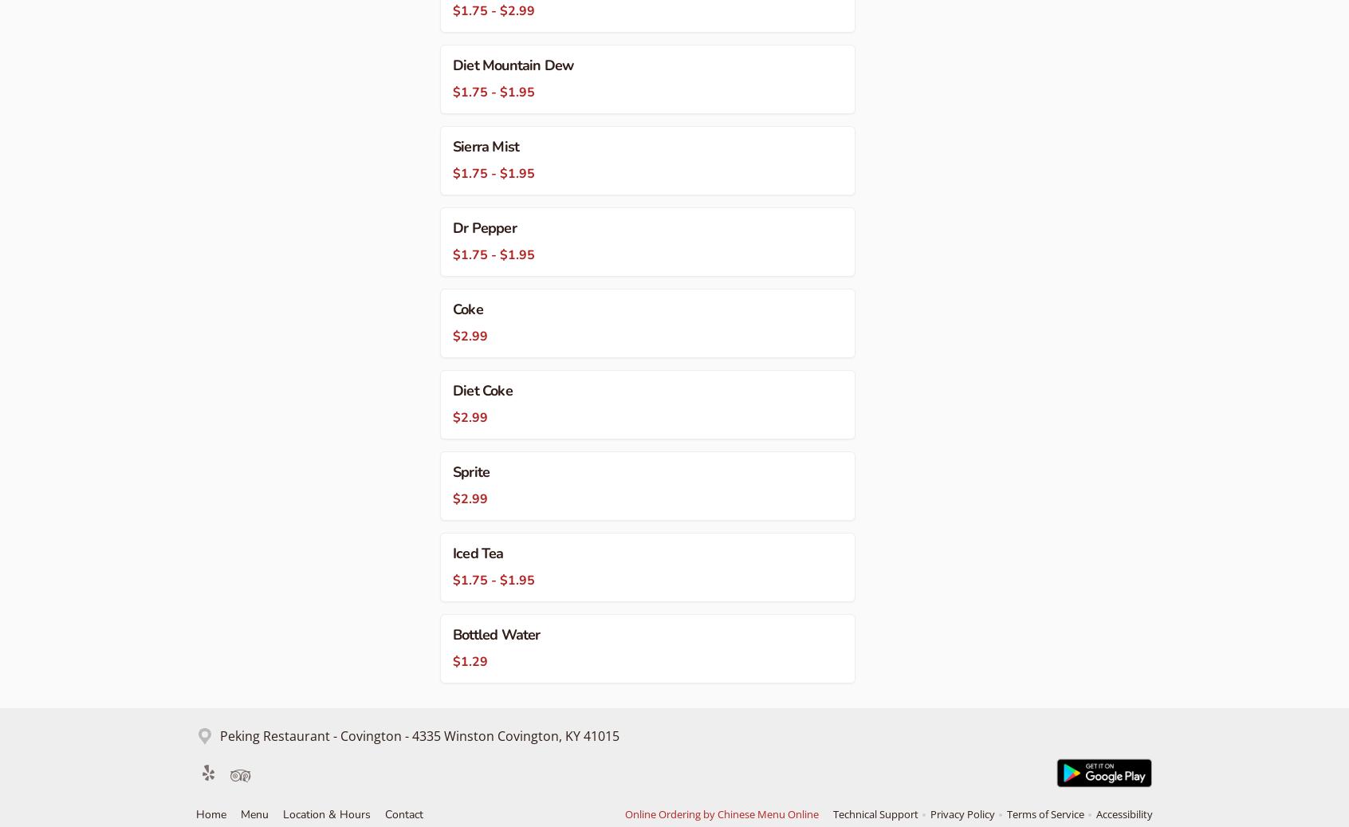  What do you see at coordinates (483, 226) in the screenshot?
I see `'Dr Pepper'` at bounding box center [483, 226].